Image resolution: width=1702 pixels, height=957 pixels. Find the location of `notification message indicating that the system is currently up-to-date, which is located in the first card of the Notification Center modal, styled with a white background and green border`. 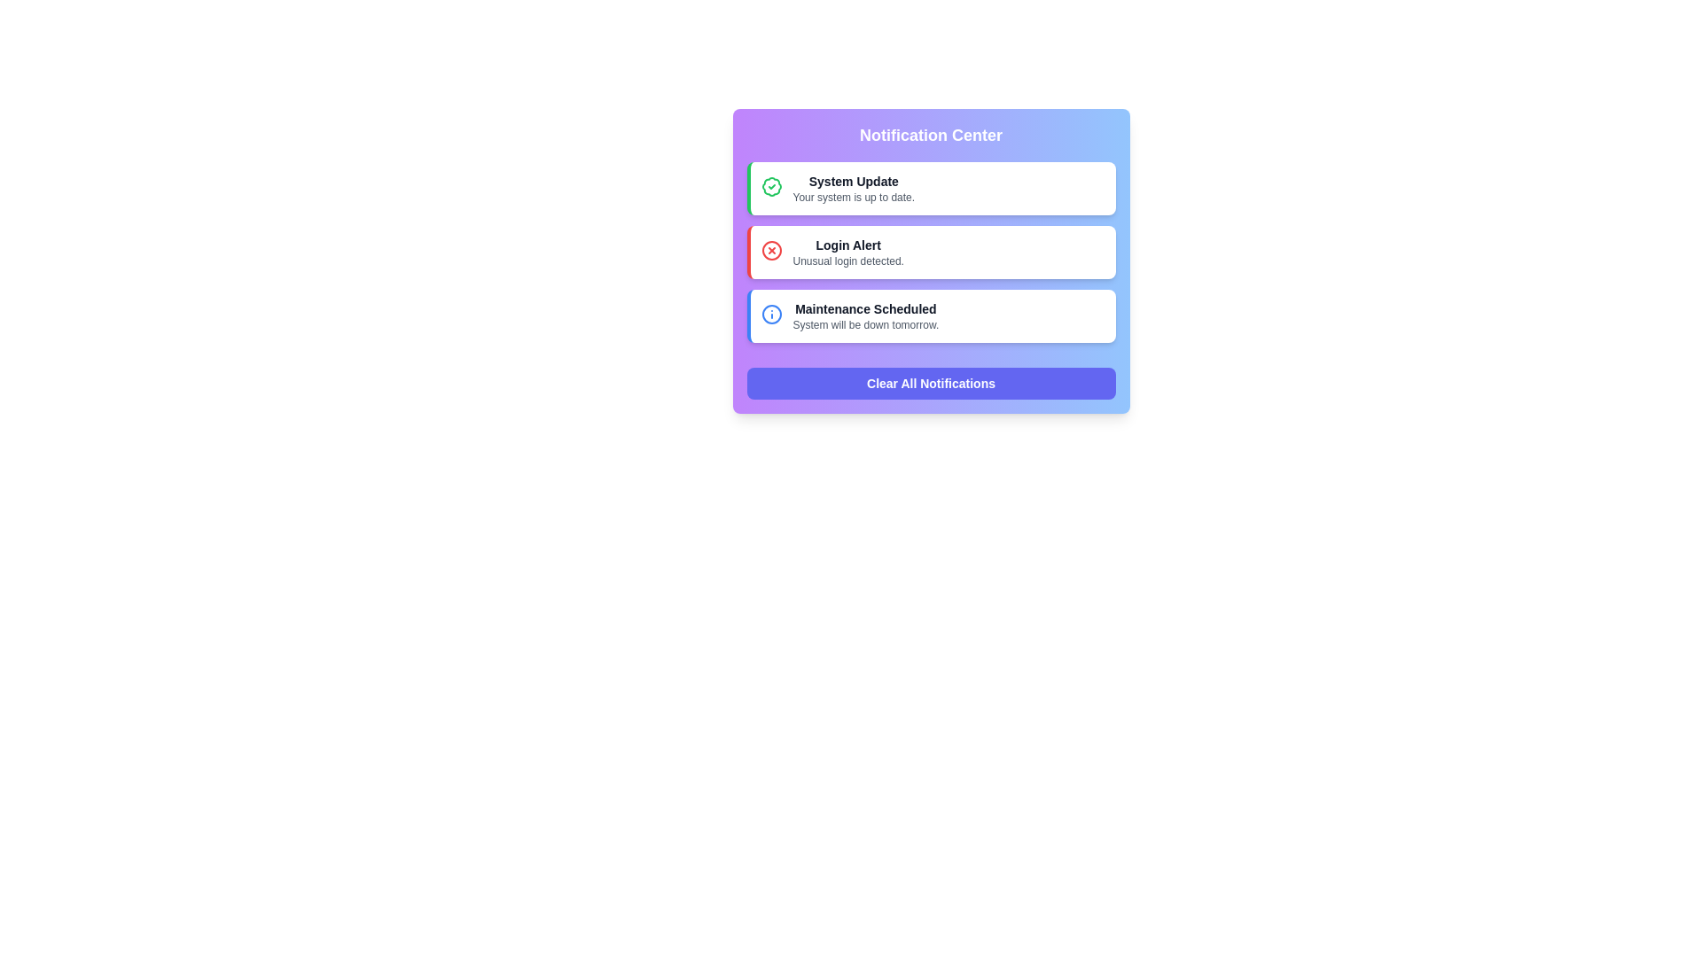

notification message indicating that the system is currently up-to-date, which is located in the first card of the Notification Center modal, styled with a white background and green border is located at coordinates (854, 188).